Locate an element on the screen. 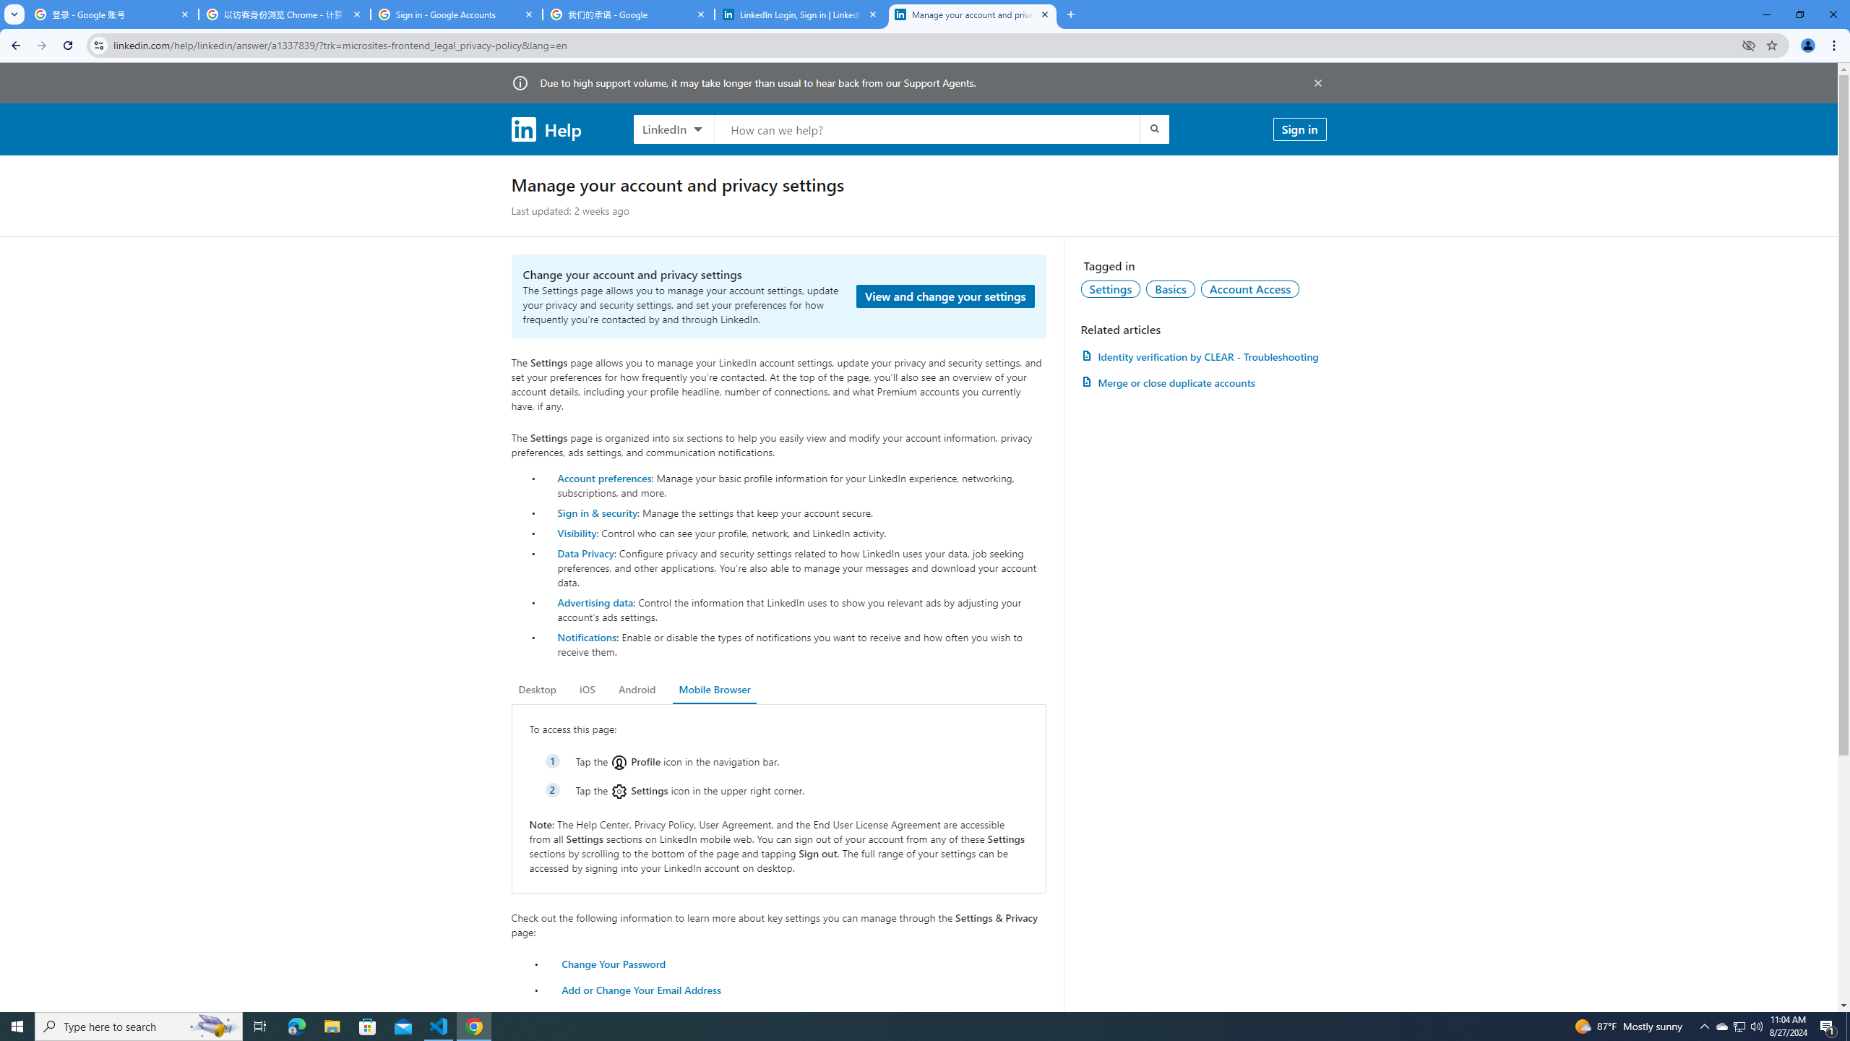 This screenshot has height=1041, width=1850. 'iOS' is located at coordinates (586, 689).